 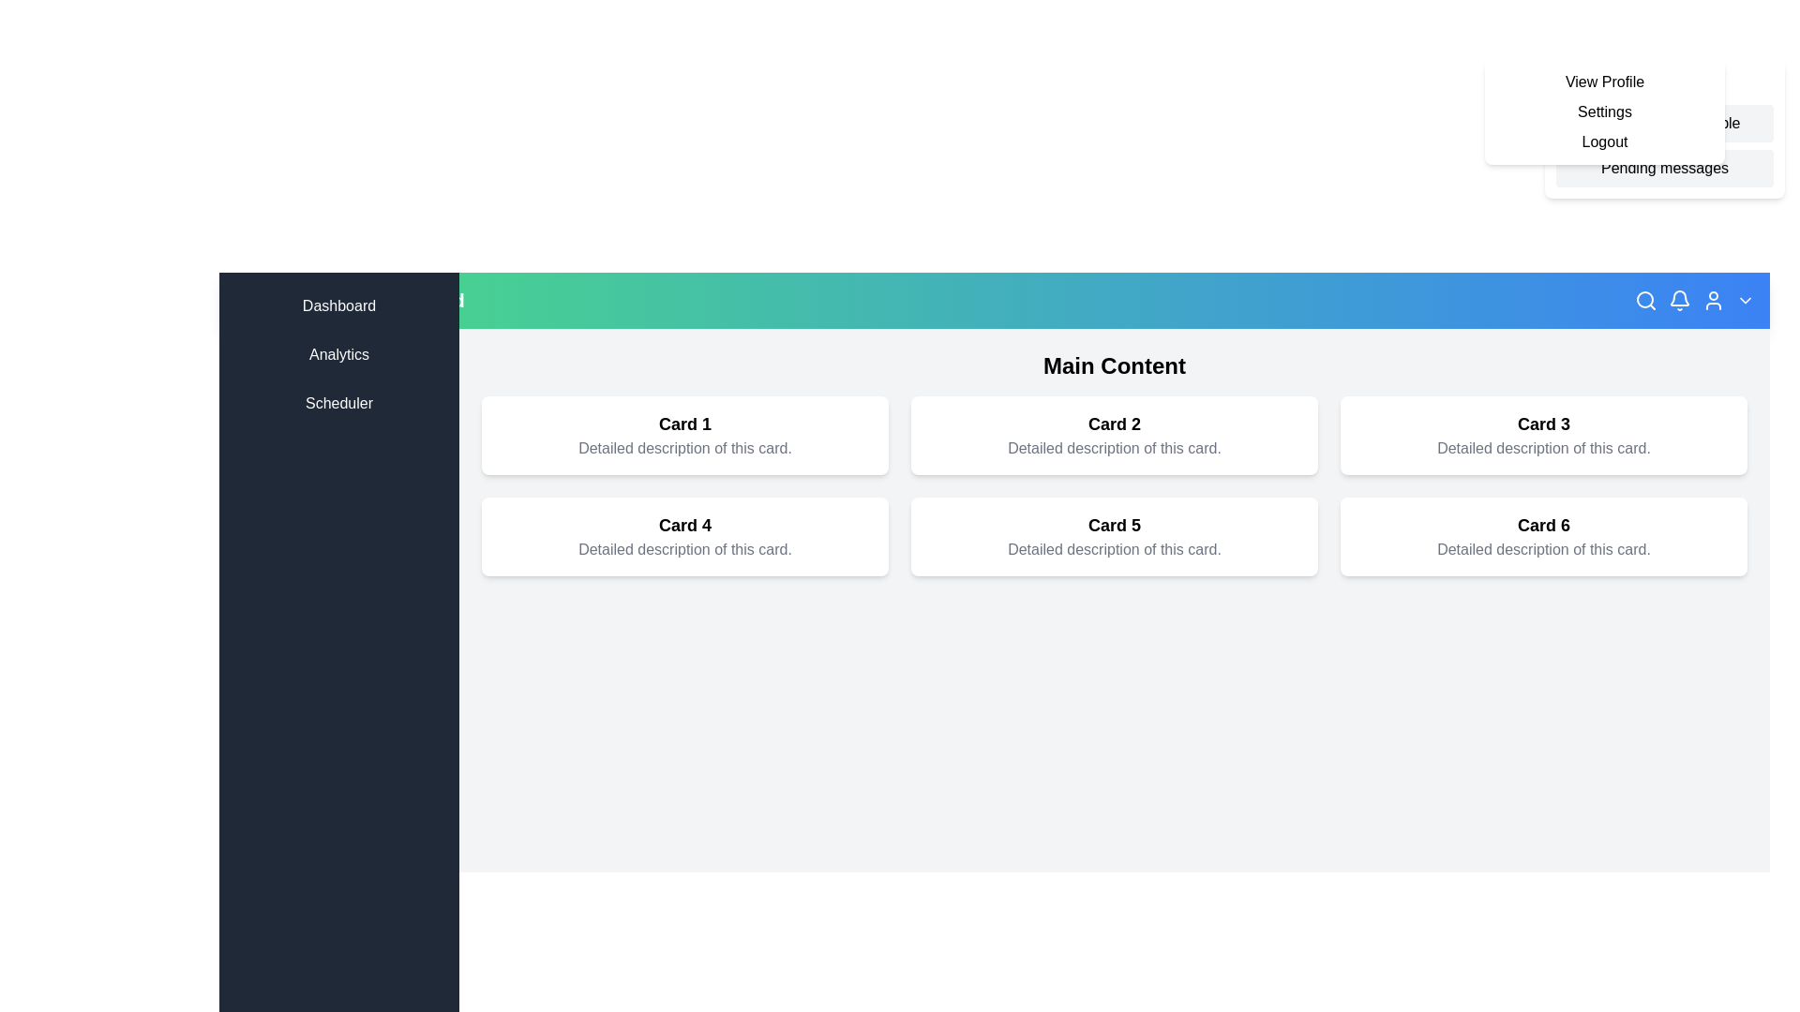 I want to click on the text element that displays 'Detailed description of this card.' located in 'Card 1', below the title and centrally aligned, so click(x=683, y=448).